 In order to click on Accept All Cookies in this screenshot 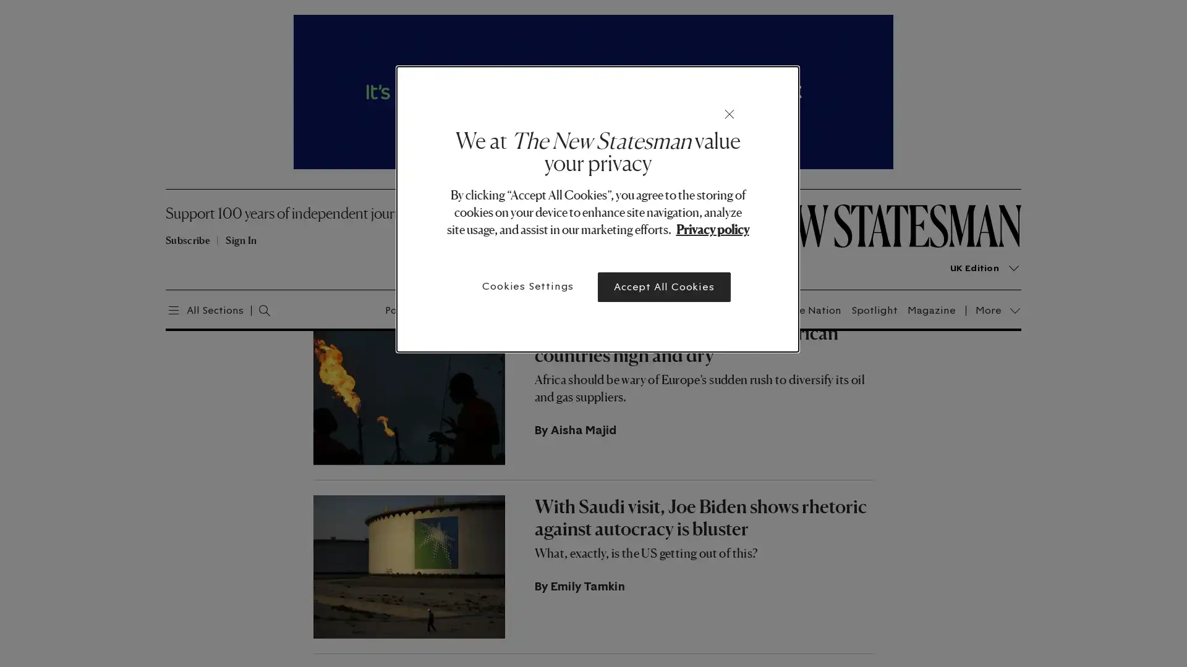, I will do `click(663, 287)`.